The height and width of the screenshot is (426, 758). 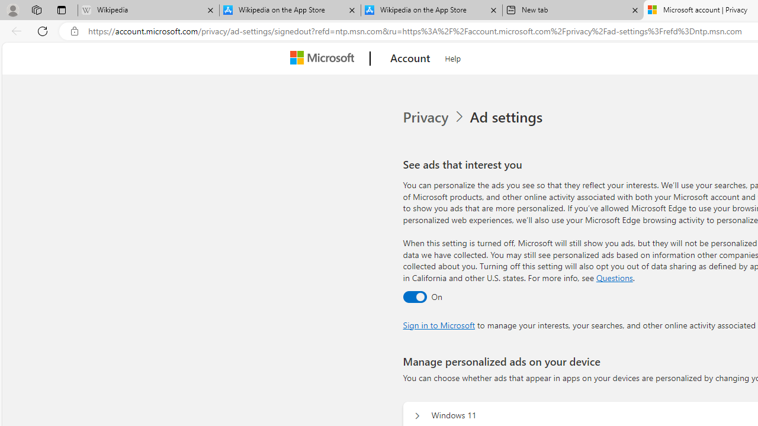 I want to click on 'Manage personalized ads on your device Windows 11', so click(x=417, y=415).